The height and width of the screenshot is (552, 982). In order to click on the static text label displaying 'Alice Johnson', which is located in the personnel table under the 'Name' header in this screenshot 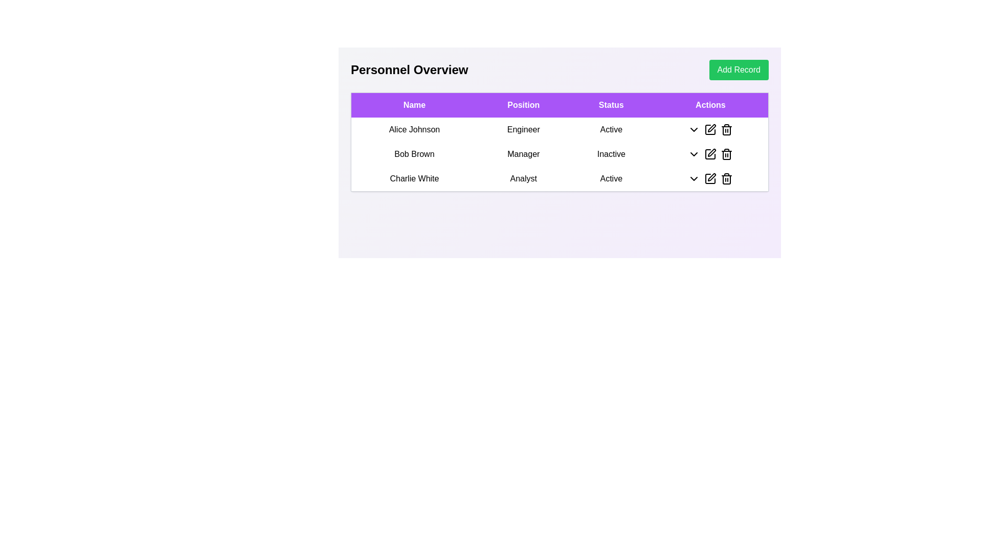, I will do `click(414, 129)`.